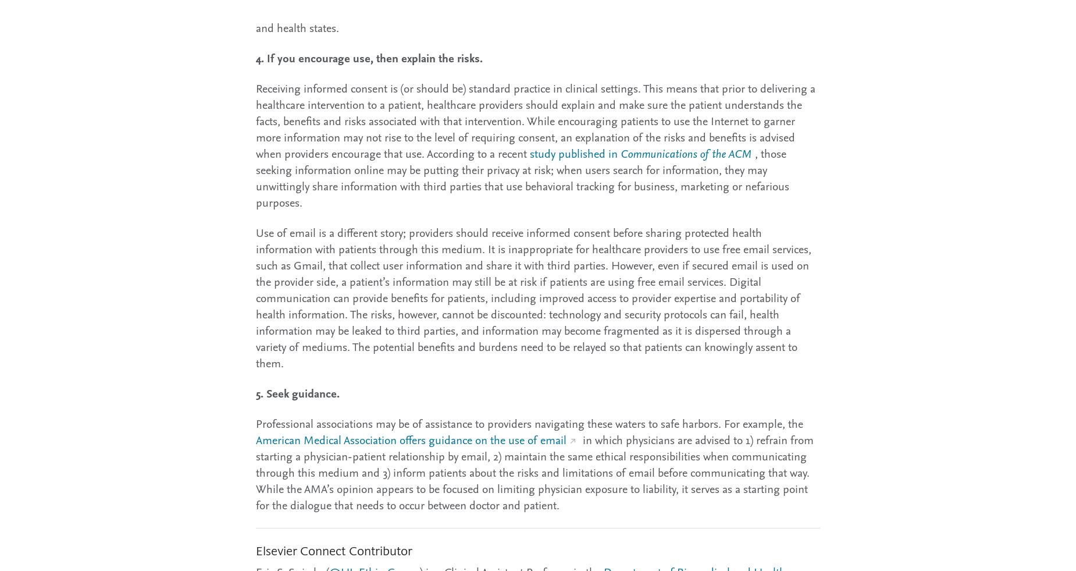 The height and width of the screenshot is (571, 1076). I want to click on 'Communications of the ACM', so click(620, 152).